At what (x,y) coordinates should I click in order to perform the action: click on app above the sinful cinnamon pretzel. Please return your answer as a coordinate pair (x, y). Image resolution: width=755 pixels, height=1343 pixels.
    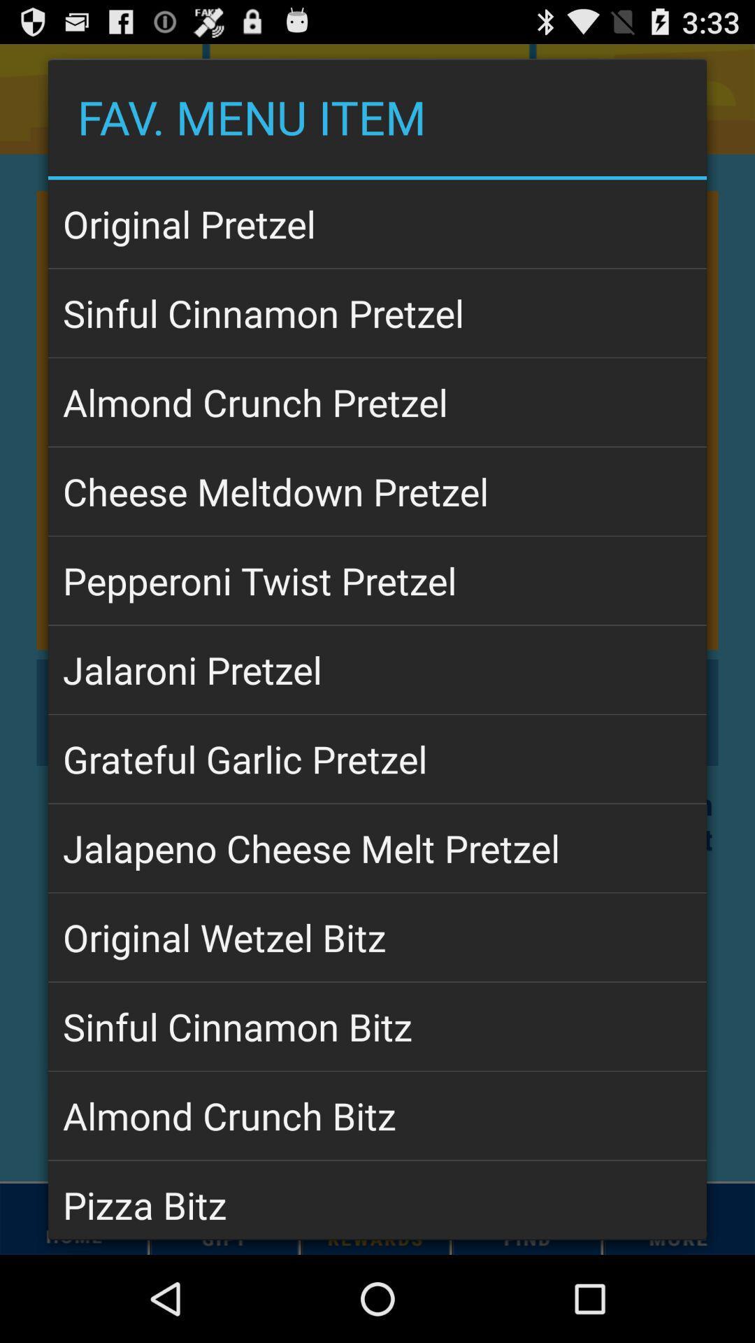
    Looking at the image, I should click on (377, 224).